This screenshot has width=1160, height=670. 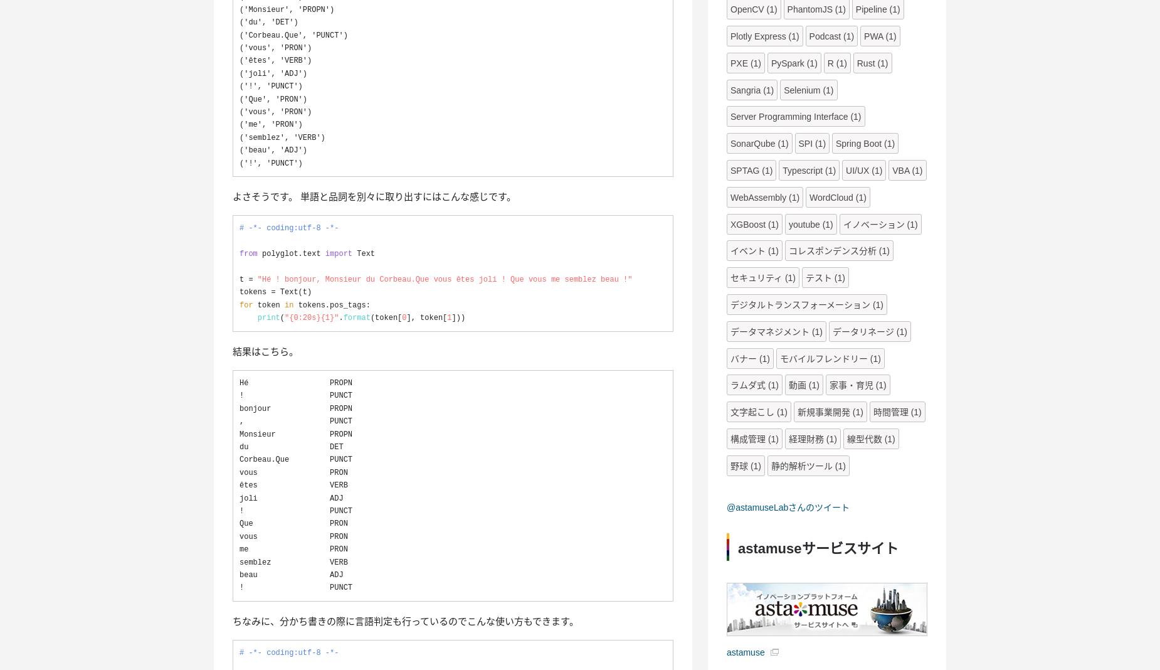 I want to click on ']))', so click(x=458, y=317).